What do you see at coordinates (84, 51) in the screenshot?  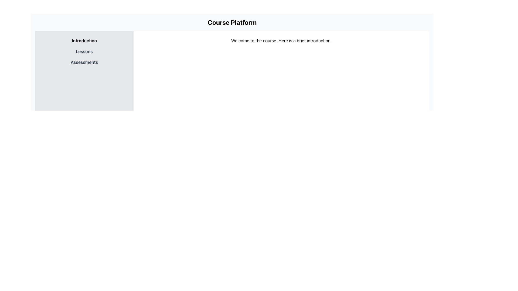 I see `the 'Lessons' text link, which is styled in gray and positioned between 'Introduction' and 'Assessments' in a vertical sidebar list` at bounding box center [84, 51].